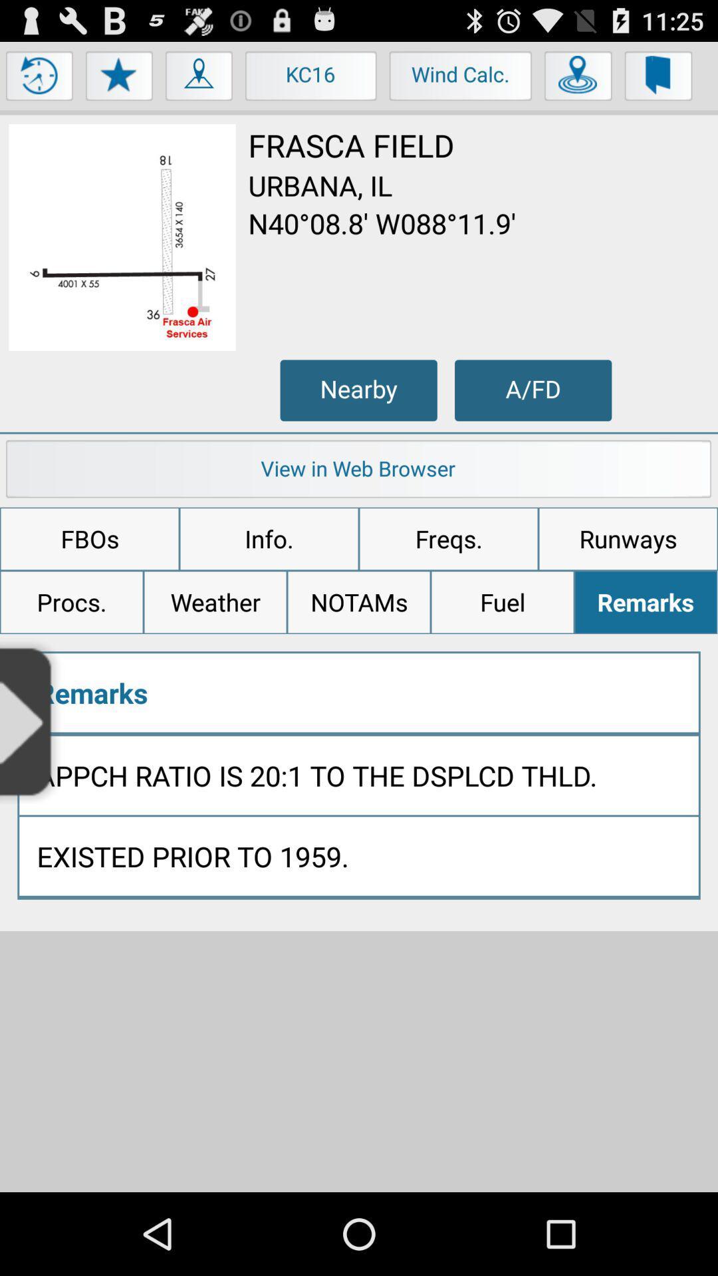 This screenshot has height=1276, width=718. Describe the element at coordinates (120, 78) in the screenshot. I see `menu button` at that location.